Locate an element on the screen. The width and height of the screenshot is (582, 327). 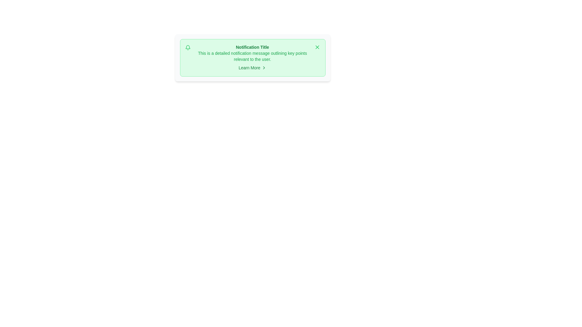
the close button to close the notification panel is located at coordinates (317, 47).